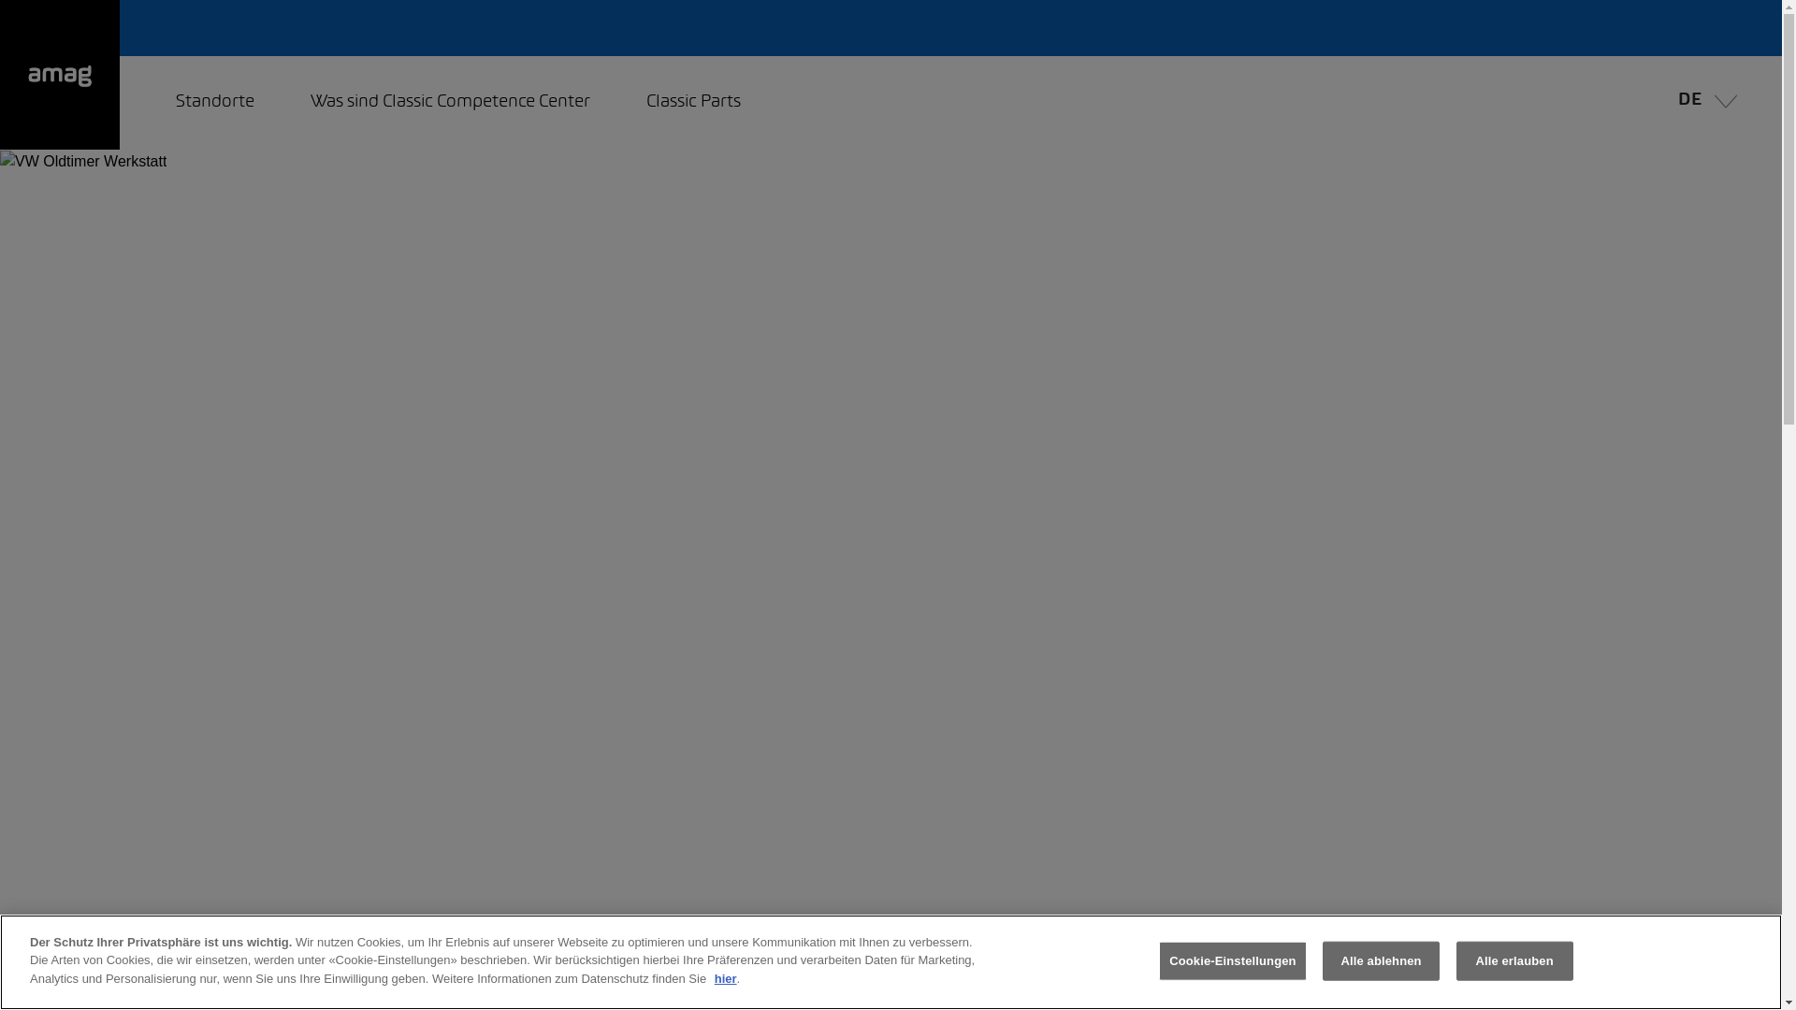 This screenshot has height=1010, width=1796. What do you see at coordinates (725, 977) in the screenshot?
I see `'hier'` at bounding box center [725, 977].